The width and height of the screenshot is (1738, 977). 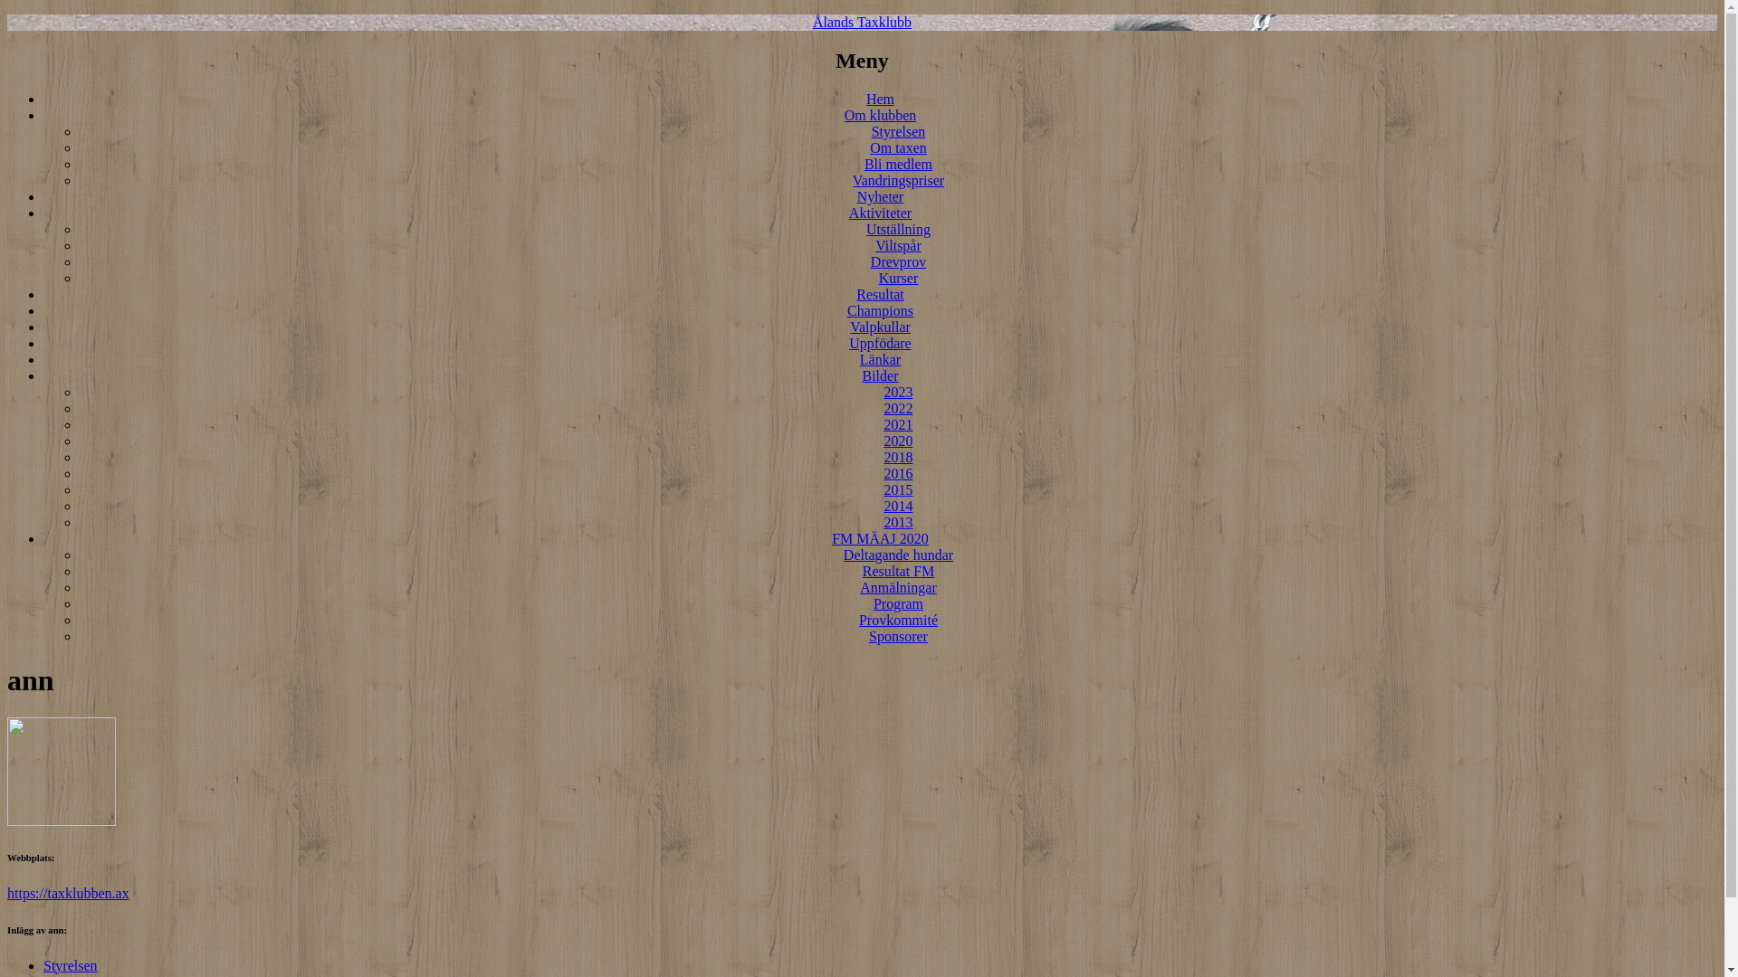 What do you see at coordinates (879, 293) in the screenshot?
I see `'Resultat'` at bounding box center [879, 293].